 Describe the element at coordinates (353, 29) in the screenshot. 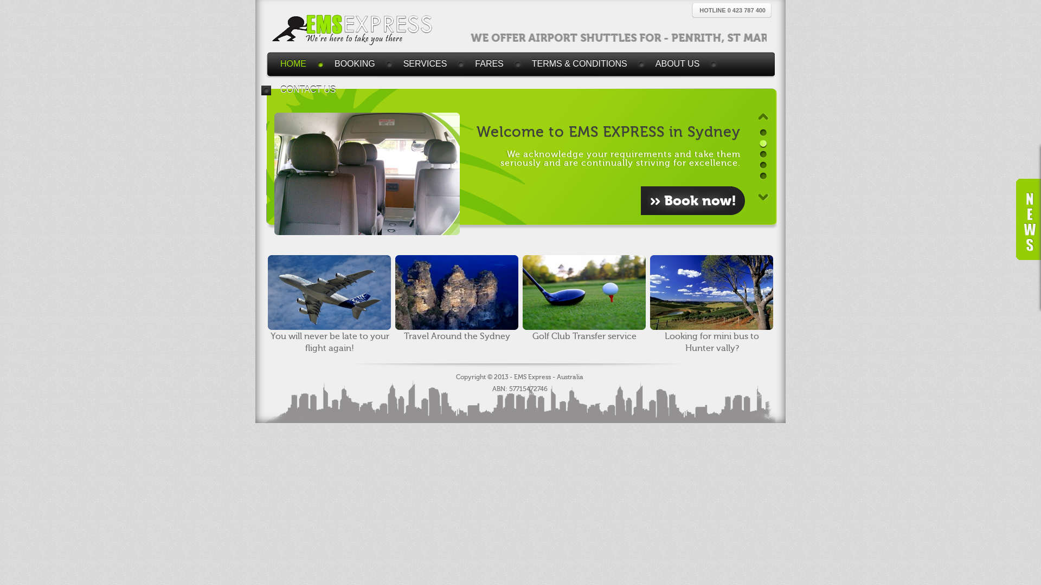

I see `'EMS EXPRESS'` at that location.